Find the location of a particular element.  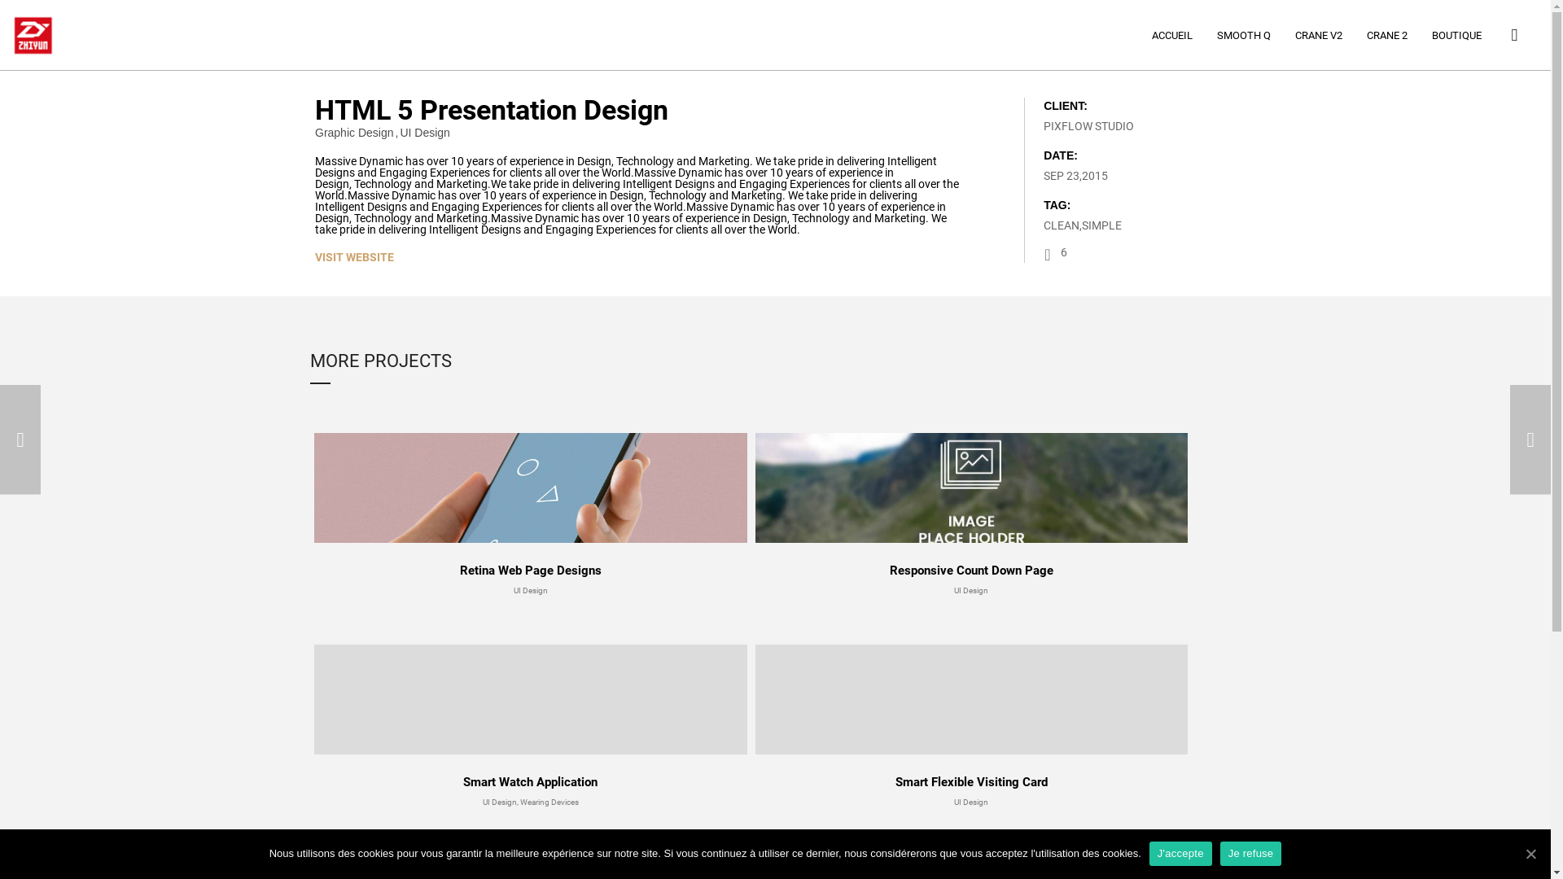

'CRANE V2' is located at coordinates (1319, 35).